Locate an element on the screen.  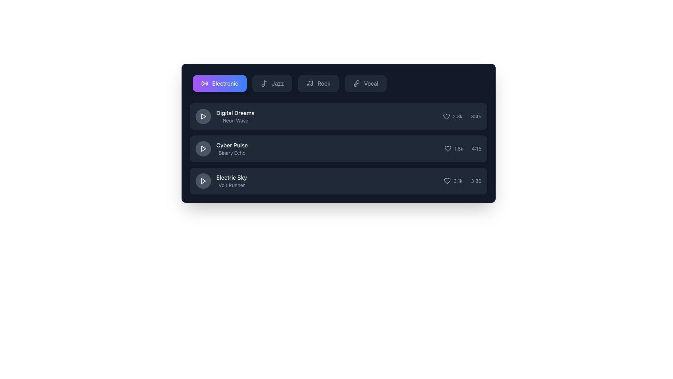
the 'Electronic' category label within the pill-shaped button is located at coordinates (225, 83).